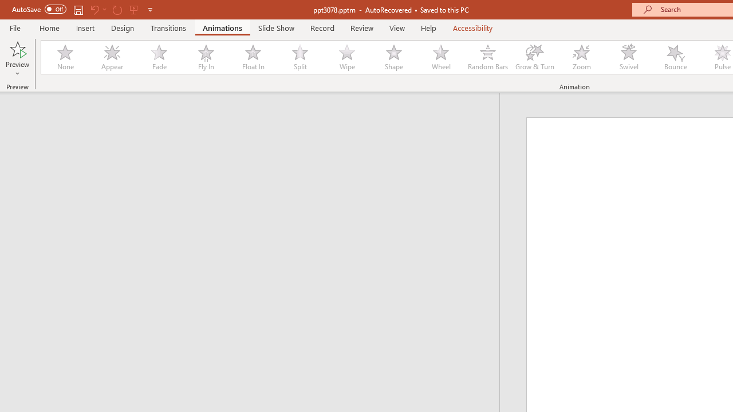  I want to click on 'Insert', so click(85, 27).